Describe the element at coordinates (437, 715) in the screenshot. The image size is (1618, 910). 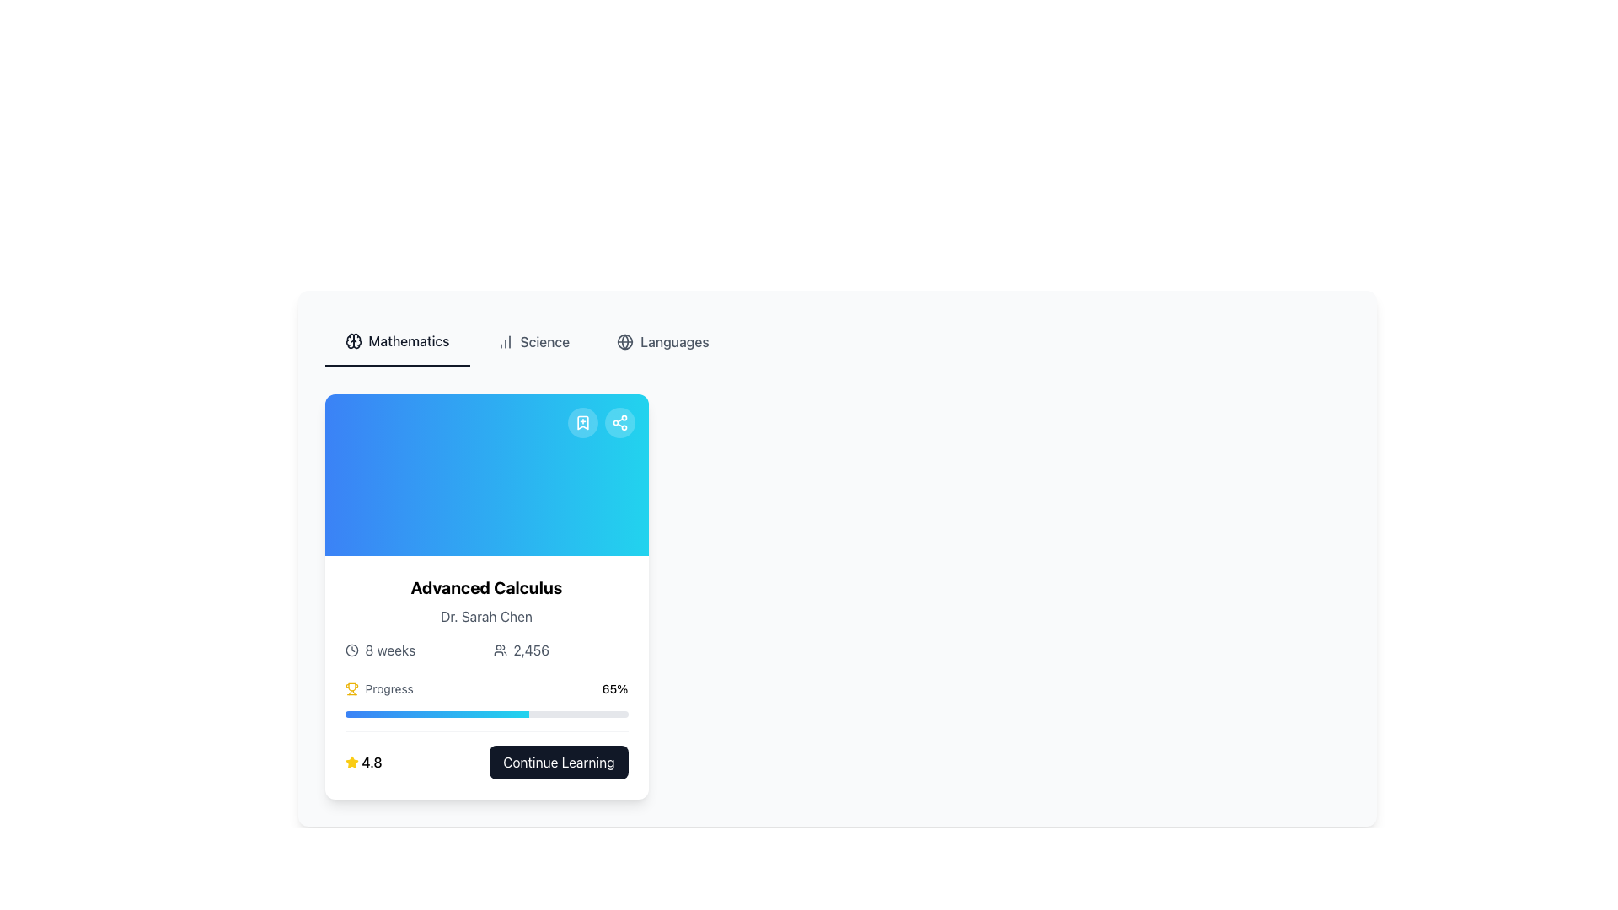
I see `the filled portion of the progress bar that visually represents 65% completion of the task, located at the bottom of the course information card` at that location.